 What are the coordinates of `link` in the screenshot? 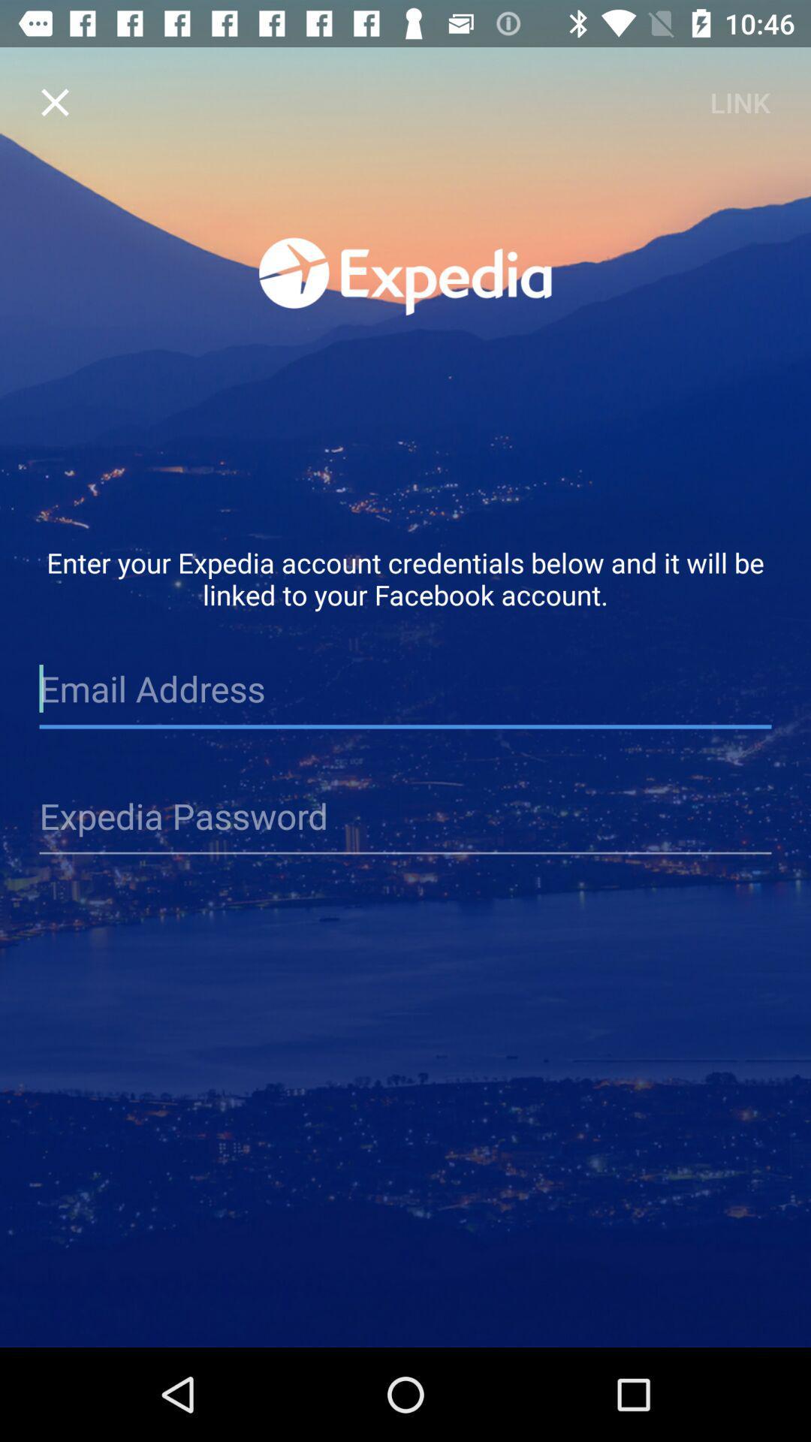 It's located at (739, 101).